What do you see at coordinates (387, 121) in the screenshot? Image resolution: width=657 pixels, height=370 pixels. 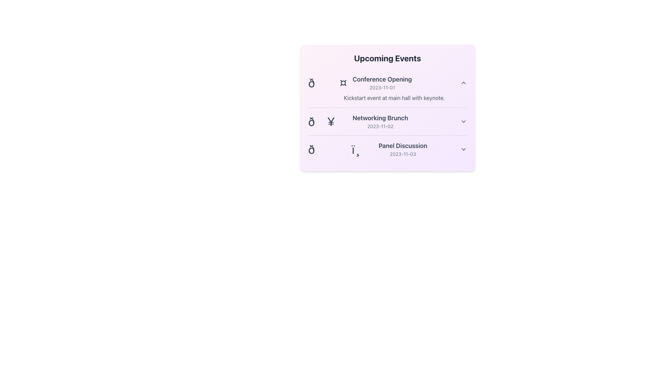 I see `the interactive arrow icon of the 'Networking Brunch' event in the Upcoming Events panel` at bounding box center [387, 121].